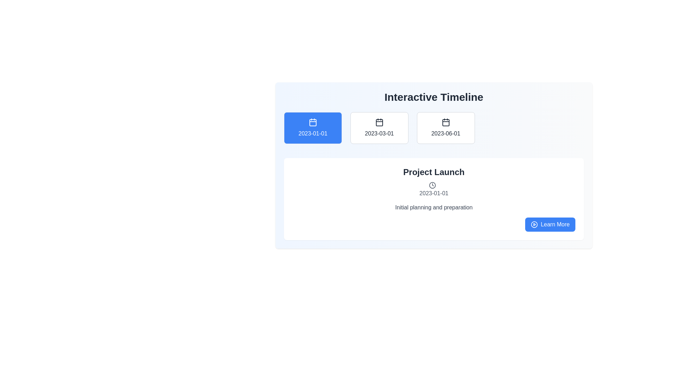 This screenshot has width=679, height=382. I want to click on the SVG circle element that is part of the clock icon, which signifies time or schedules, located near the 'Project Launch 2023-01-01' text, so click(432, 185).